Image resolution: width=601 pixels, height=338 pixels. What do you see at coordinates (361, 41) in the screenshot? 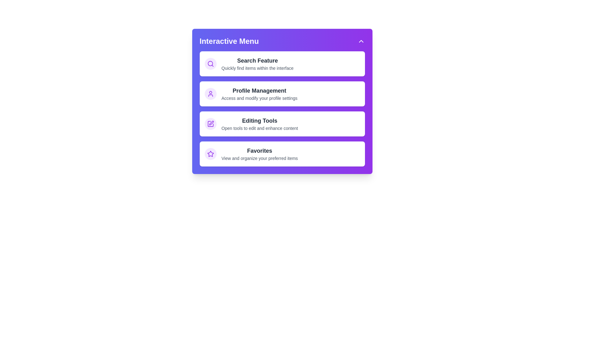
I see `the arrow button to toggle the menu visibility` at bounding box center [361, 41].